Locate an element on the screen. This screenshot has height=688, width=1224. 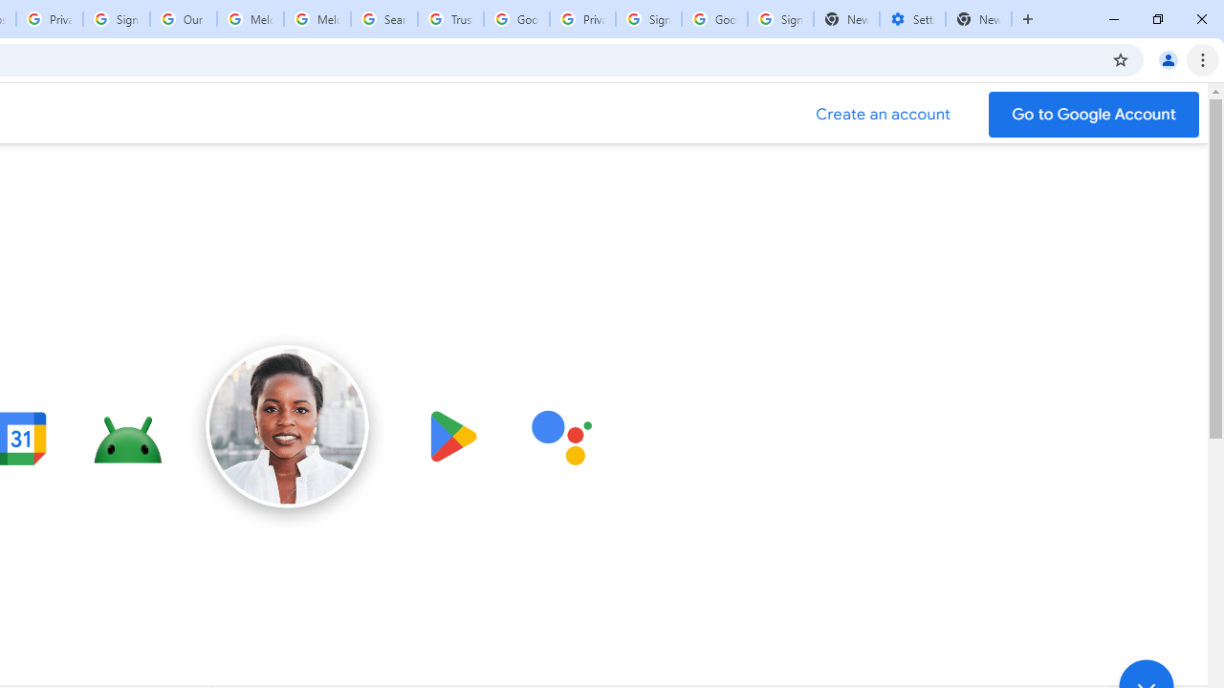
'Sign in - Google Accounts' is located at coordinates (648, 19).